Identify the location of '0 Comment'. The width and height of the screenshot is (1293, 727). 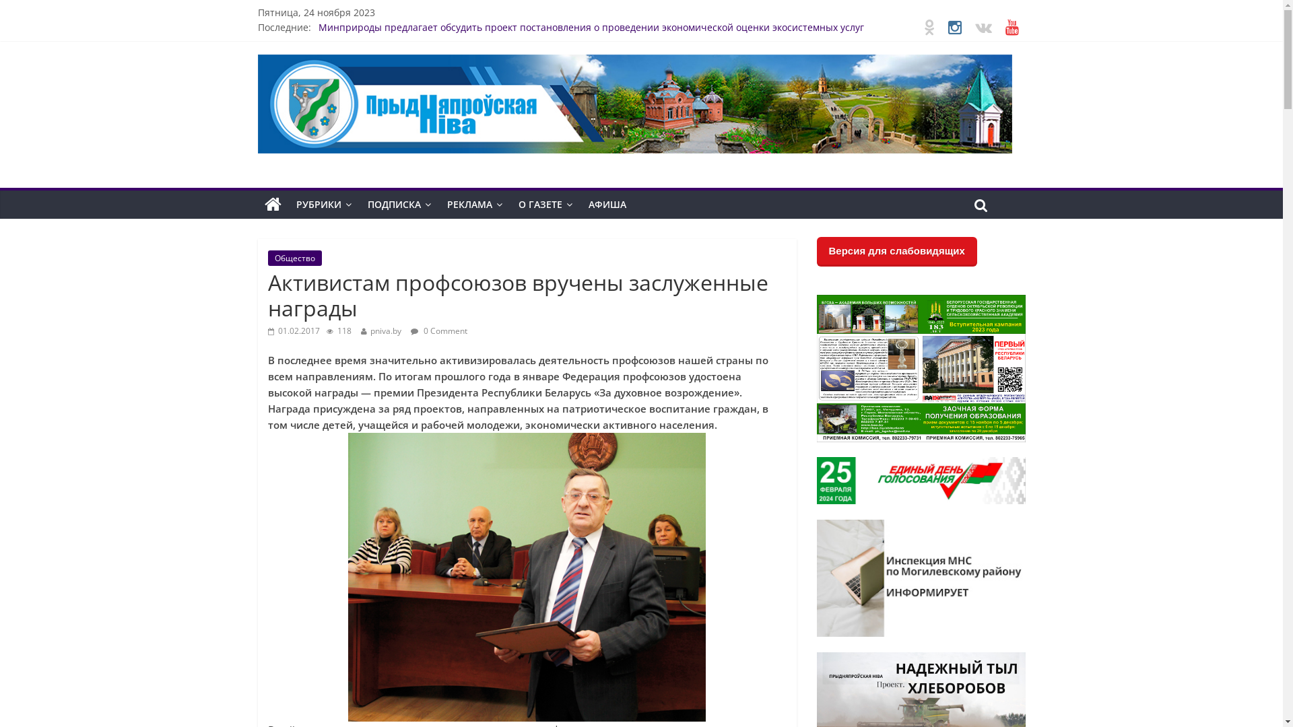
(409, 330).